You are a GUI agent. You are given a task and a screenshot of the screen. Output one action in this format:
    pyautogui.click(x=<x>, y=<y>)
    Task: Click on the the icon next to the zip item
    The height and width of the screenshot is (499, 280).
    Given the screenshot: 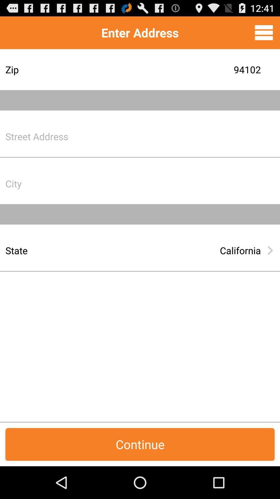 What is the action you would take?
    pyautogui.click(x=180, y=69)
    